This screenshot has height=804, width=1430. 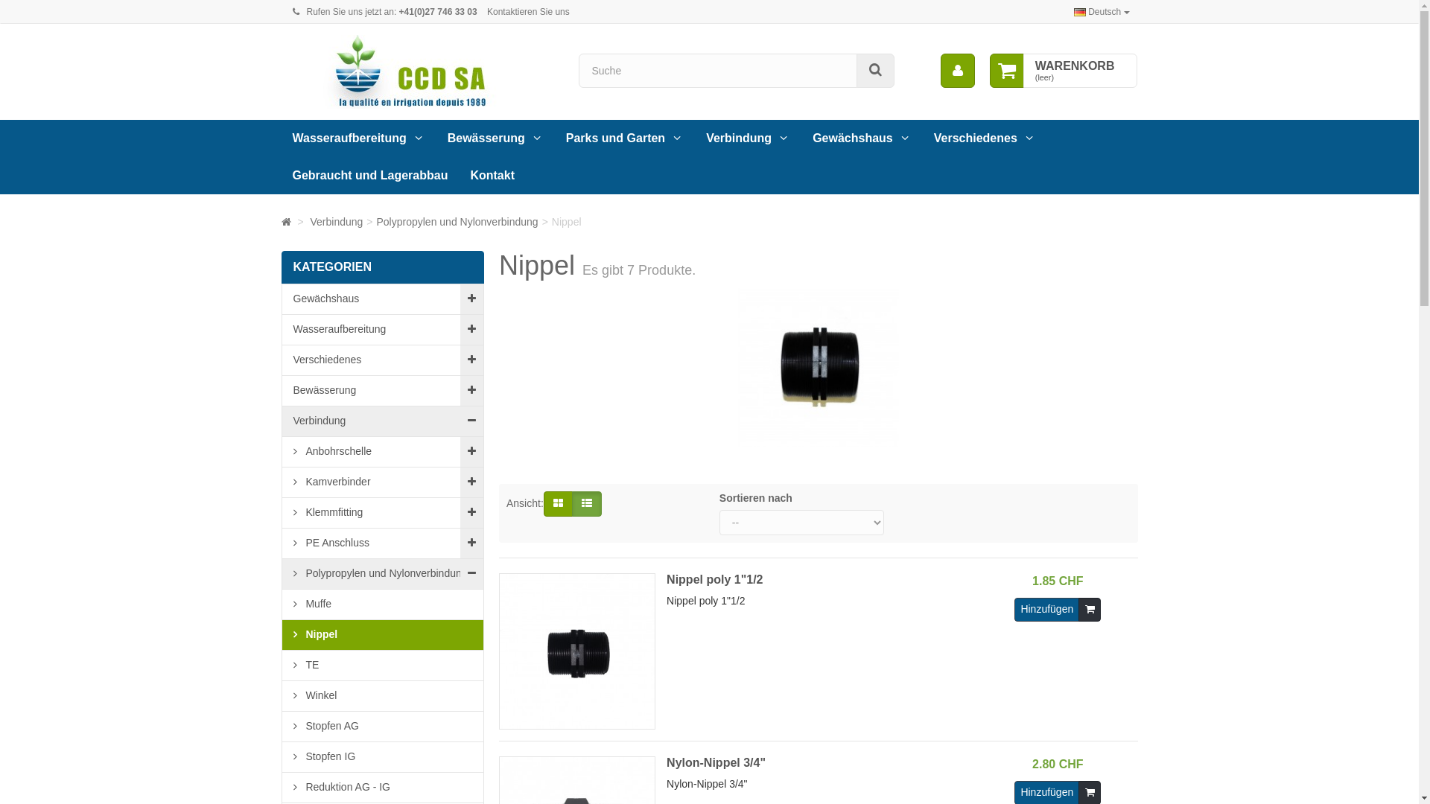 I want to click on 'PE Anschluss', so click(x=382, y=543).